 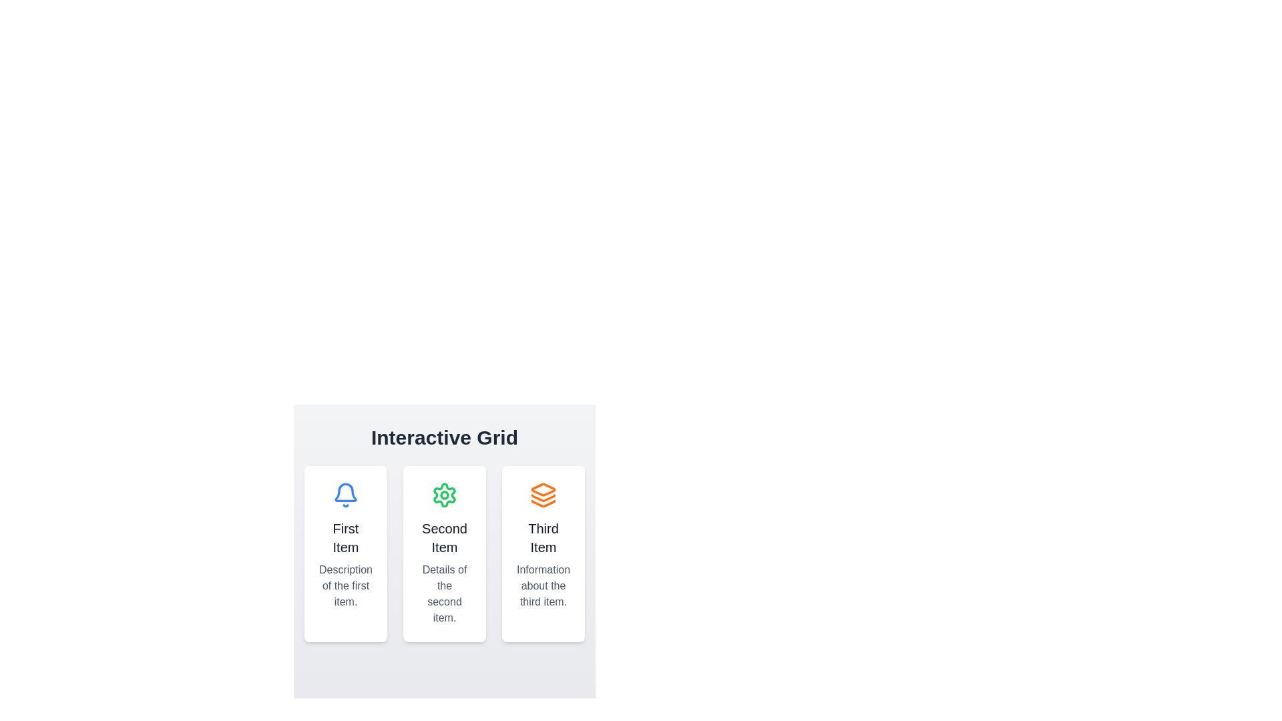 I want to click on the text label or heading that serves as the title for the third card, which is centrally located within the card, positioned below an orange icon and above a description text block, so click(x=544, y=537).